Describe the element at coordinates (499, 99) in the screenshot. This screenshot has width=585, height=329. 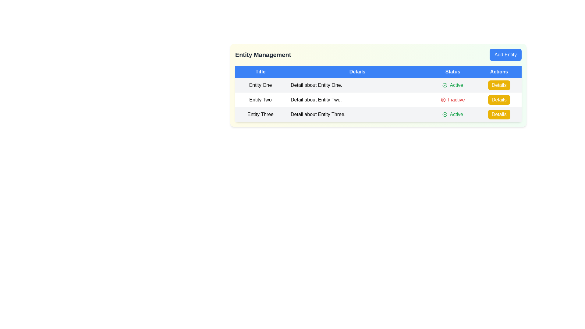
I see `the rectangular button with rounded corners that has a vibrant yellow background and white text reading 'Details', located in the last column of the row for 'Entity Two' under the 'Actions' header` at that location.